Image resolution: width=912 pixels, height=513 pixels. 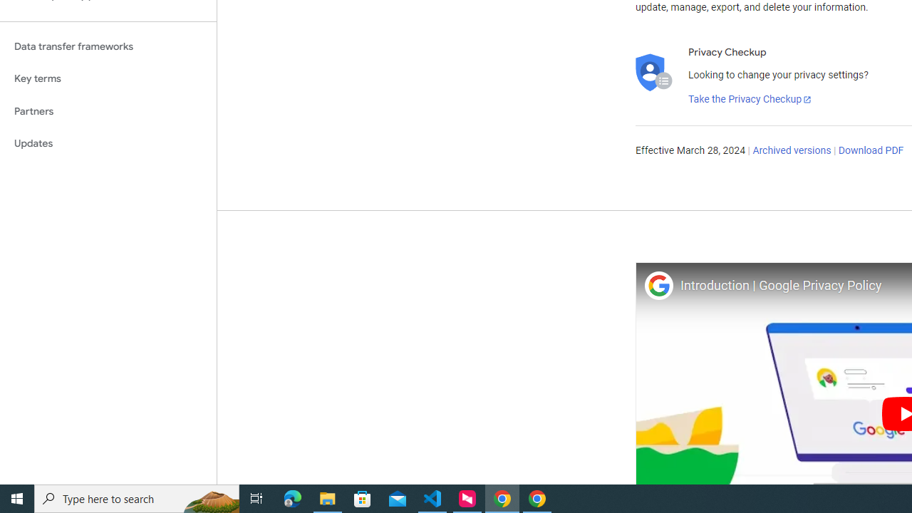 I want to click on 'Take the Privacy Checkup', so click(x=750, y=99).